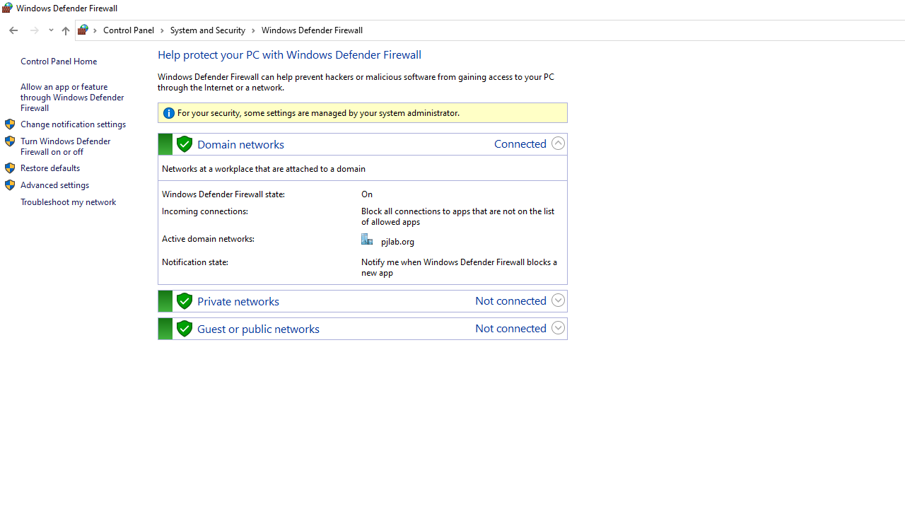 The image size is (905, 509). What do you see at coordinates (66, 146) in the screenshot?
I see `'Turn Windows Defender Firewall on or off'` at bounding box center [66, 146].